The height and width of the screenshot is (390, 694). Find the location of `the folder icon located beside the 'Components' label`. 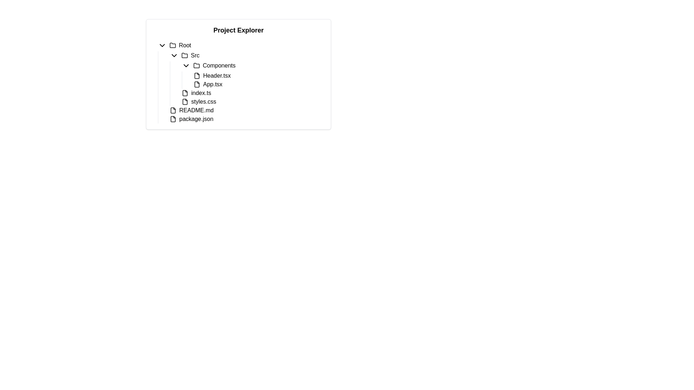

the folder icon located beside the 'Components' label is located at coordinates (196, 65).